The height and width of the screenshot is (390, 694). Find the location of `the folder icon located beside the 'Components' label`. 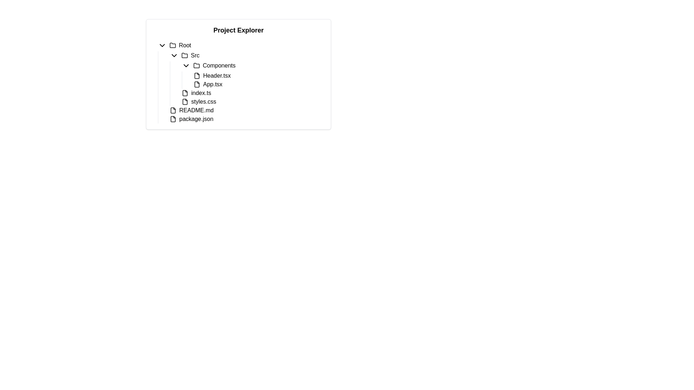

the folder icon located beside the 'Components' label is located at coordinates (196, 65).